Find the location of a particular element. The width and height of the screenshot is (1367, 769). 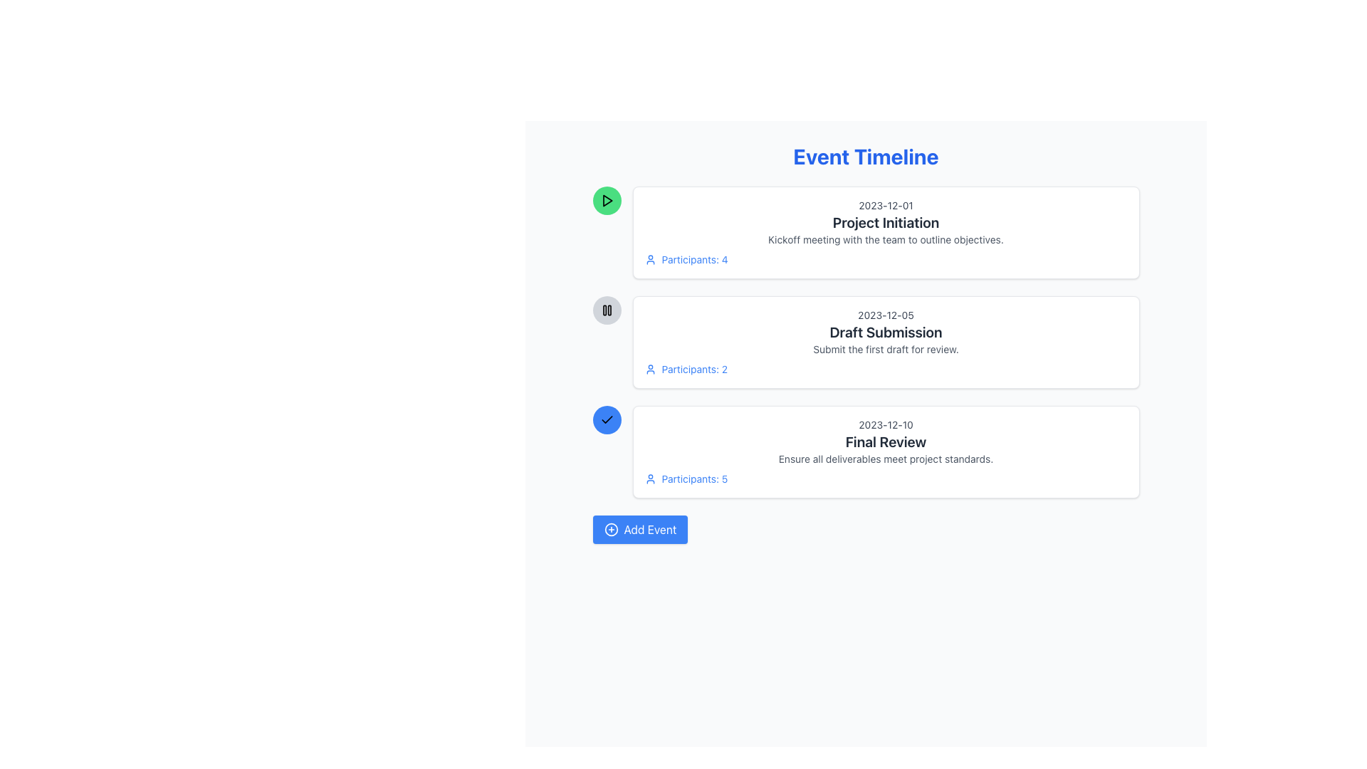

the user participant icon, which is a blue circular vector graphic located to the left of the text 'Participants: 2' in the 'Draft Submission' event entry is located at coordinates (649, 369).